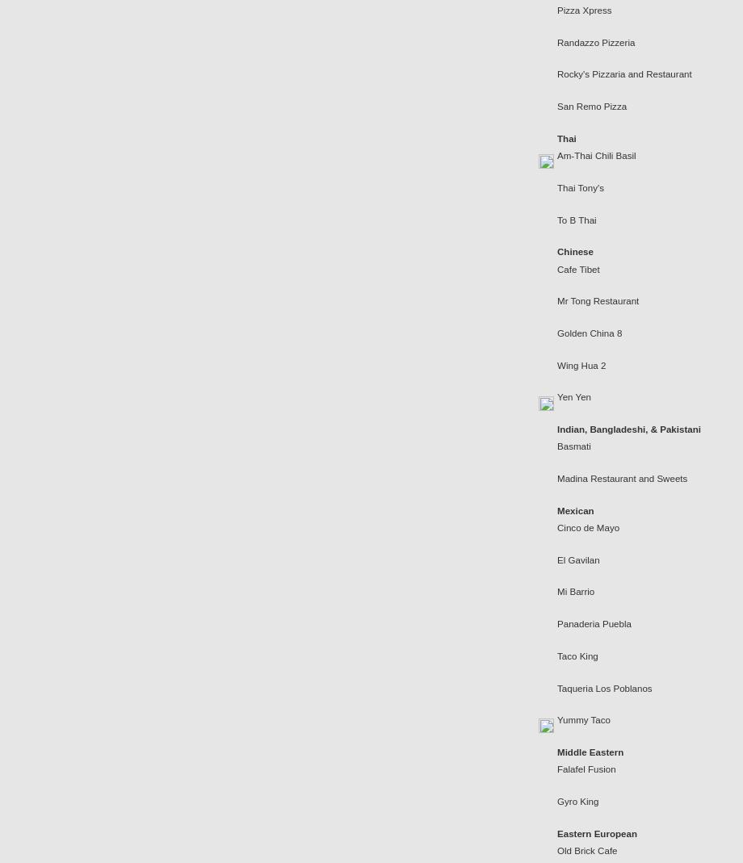 The height and width of the screenshot is (863, 743). I want to click on 'Yen Yen', so click(573, 396).